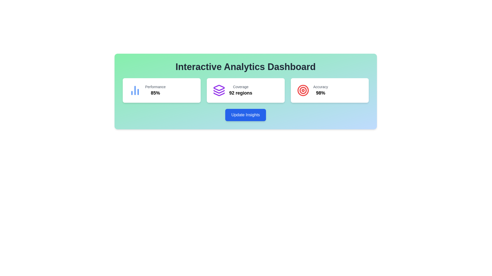 The height and width of the screenshot is (276, 492). What do you see at coordinates (155, 90) in the screenshot?
I see `the text-based informational display showing a performance metric of 85%, located in the leftmost card under the 'Interactive Analytics Dashboard' section, centrally aligned below a blue chart icon` at bounding box center [155, 90].